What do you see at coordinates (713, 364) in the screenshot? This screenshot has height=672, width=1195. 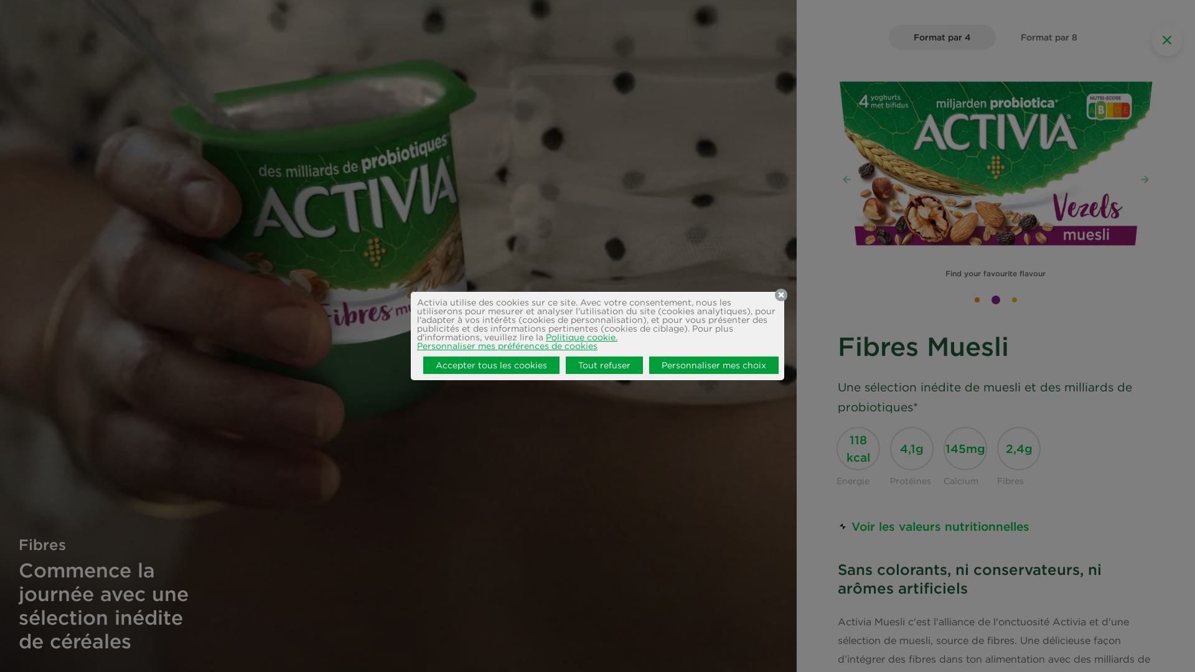 I see `'Personnaliser mes choix'` at bounding box center [713, 364].